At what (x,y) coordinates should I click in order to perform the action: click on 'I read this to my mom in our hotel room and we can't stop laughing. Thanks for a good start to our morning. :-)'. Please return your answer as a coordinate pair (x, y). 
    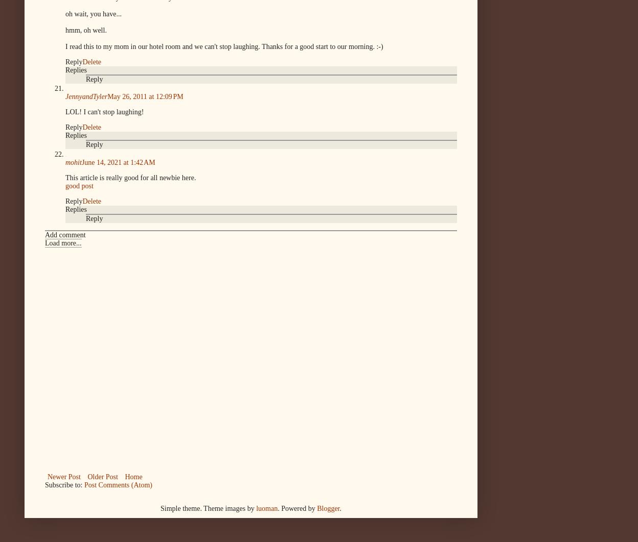
    Looking at the image, I should click on (224, 46).